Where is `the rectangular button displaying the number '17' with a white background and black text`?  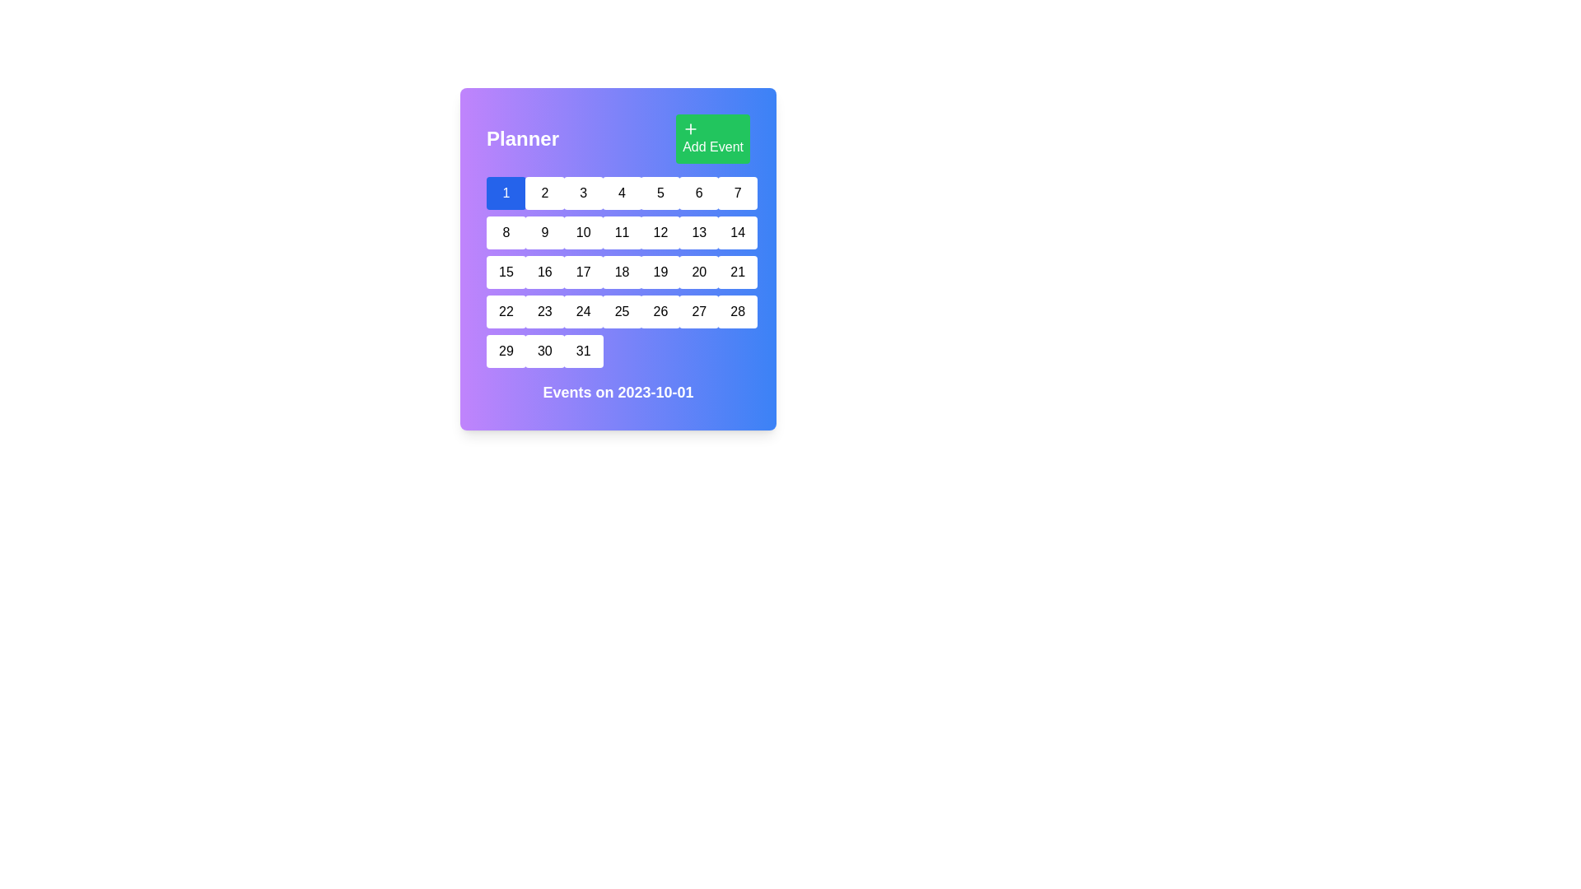
the rectangular button displaying the number '17' with a white background and black text is located at coordinates (583, 272).